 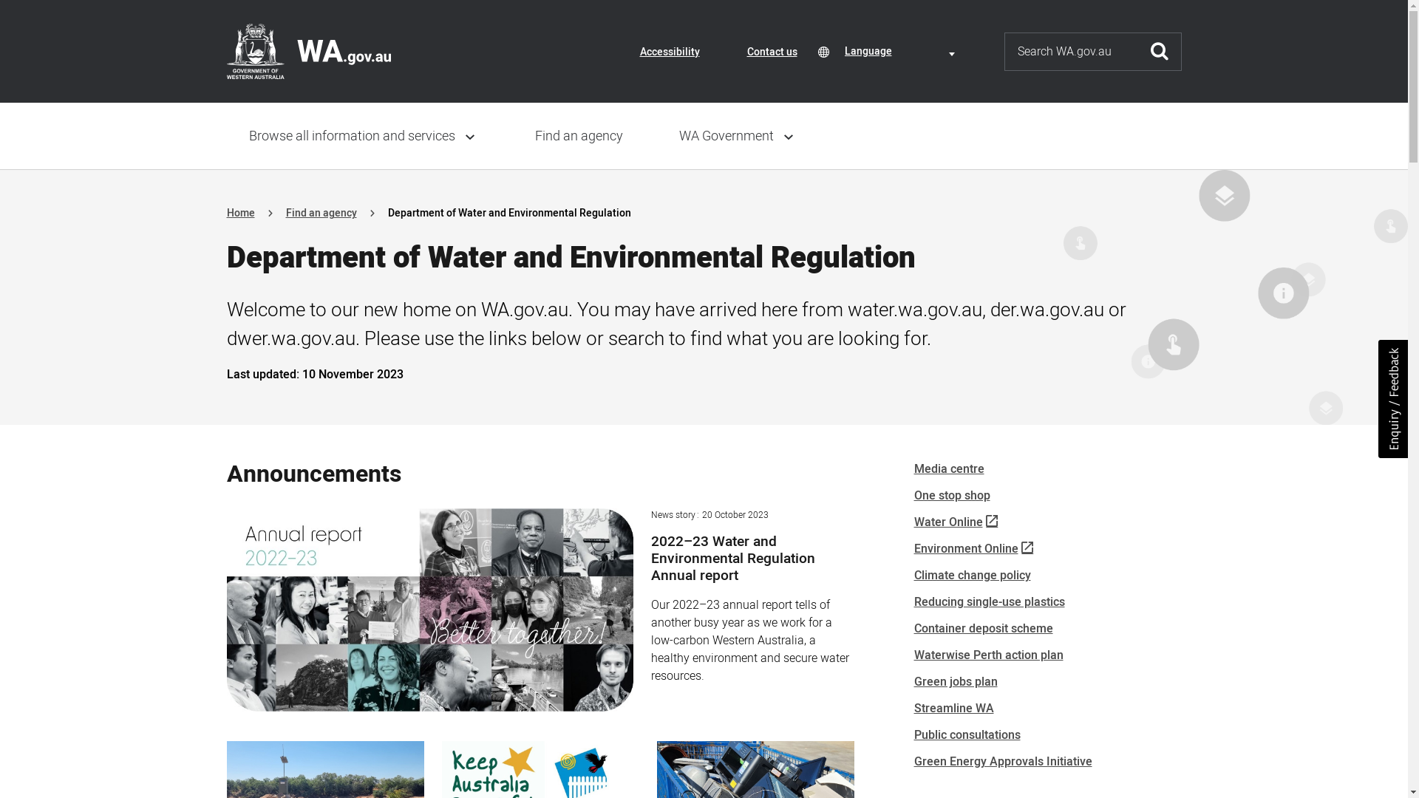 I want to click on 'One stop shop', so click(x=951, y=496).